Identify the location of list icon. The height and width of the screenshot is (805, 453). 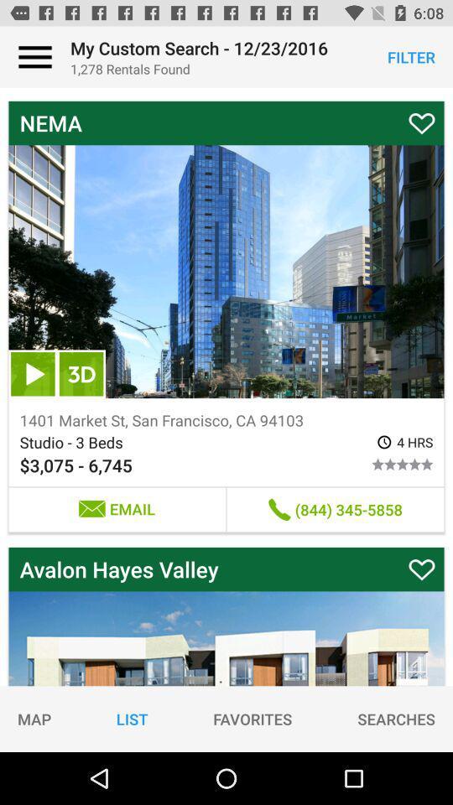
(131, 718).